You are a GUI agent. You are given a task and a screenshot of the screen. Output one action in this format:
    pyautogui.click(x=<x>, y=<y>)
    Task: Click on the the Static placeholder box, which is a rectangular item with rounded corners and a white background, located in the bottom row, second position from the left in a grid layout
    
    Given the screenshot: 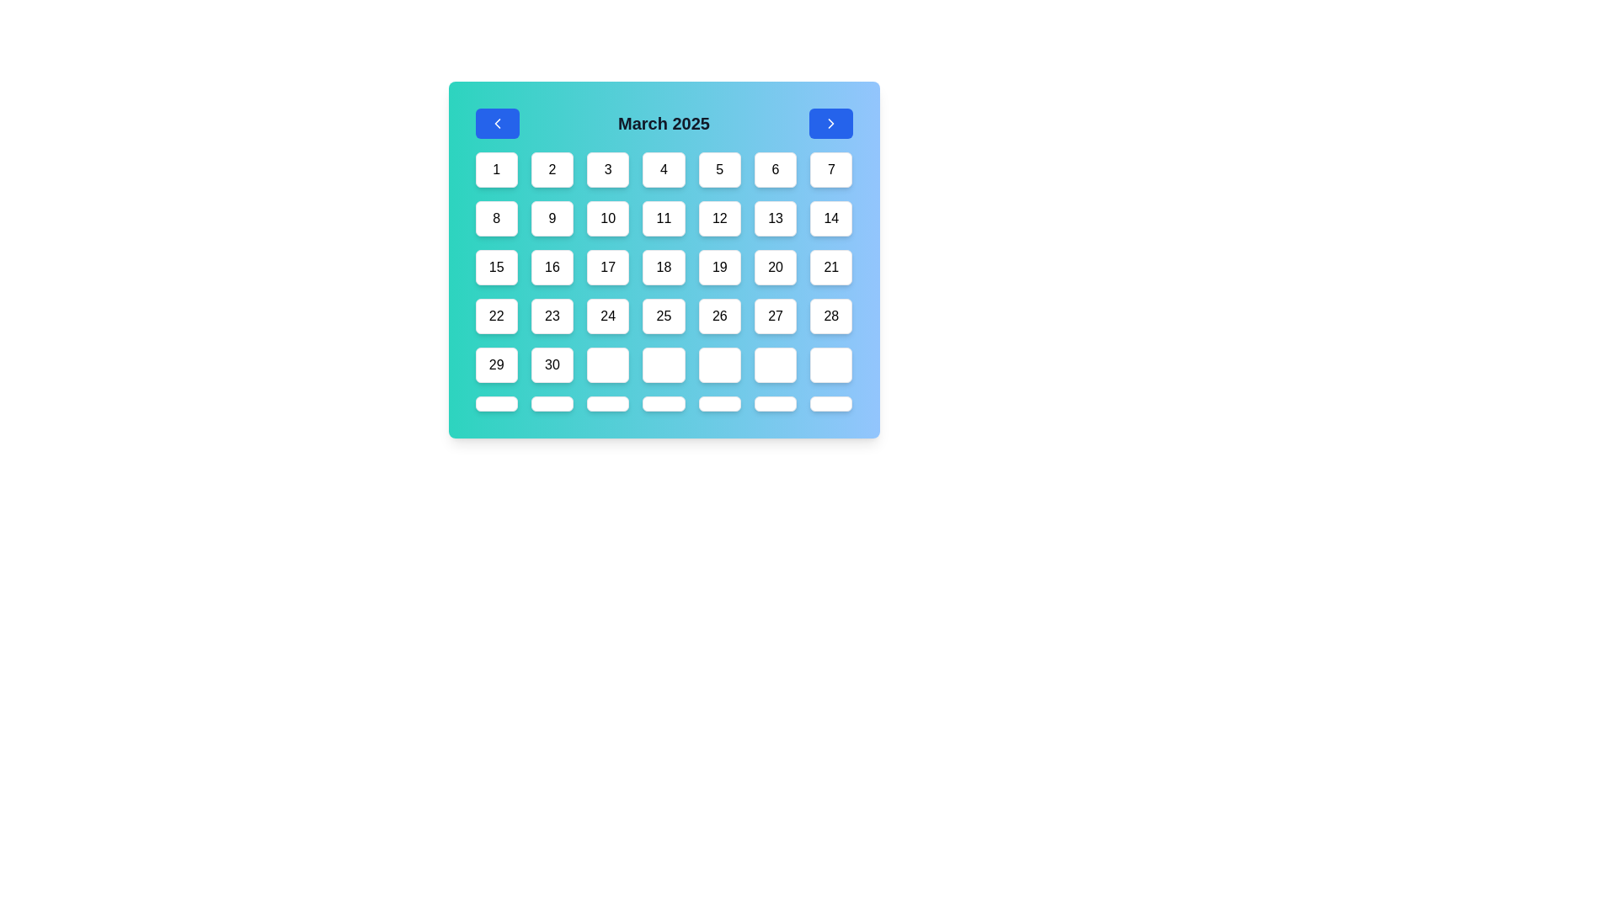 What is the action you would take?
    pyautogui.click(x=552, y=403)
    